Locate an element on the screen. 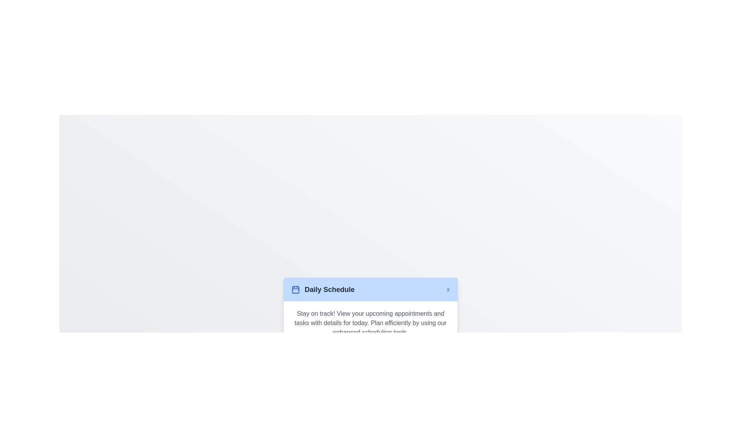 Image resolution: width=749 pixels, height=421 pixels. the header bar with the 'Daily Schedule' text and close button for interactions if supported is located at coordinates (370, 289).